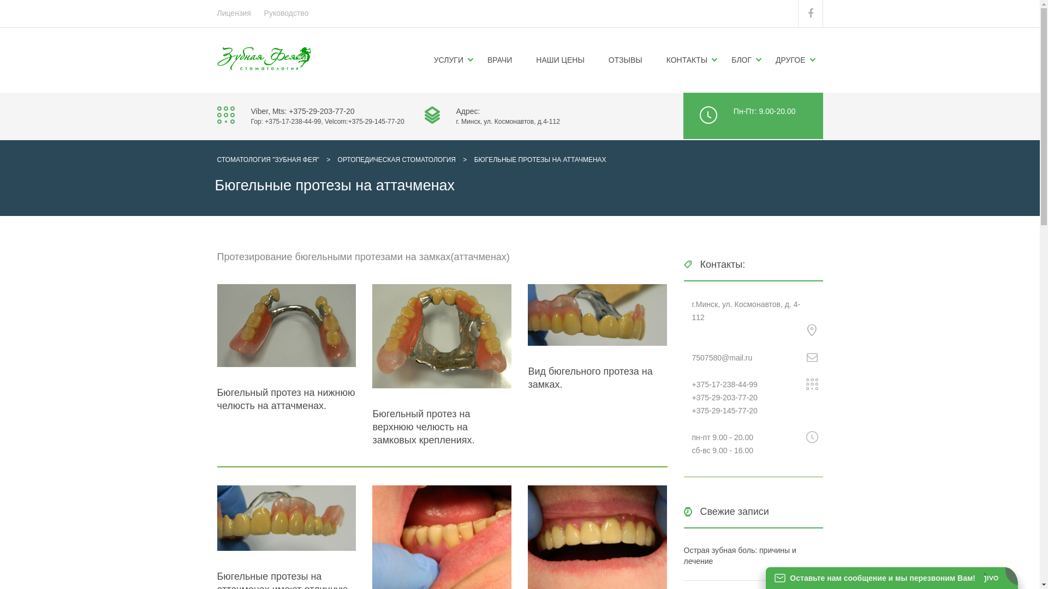  What do you see at coordinates (722, 357) in the screenshot?
I see `'7507580@mail.ru'` at bounding box center [722, 357].